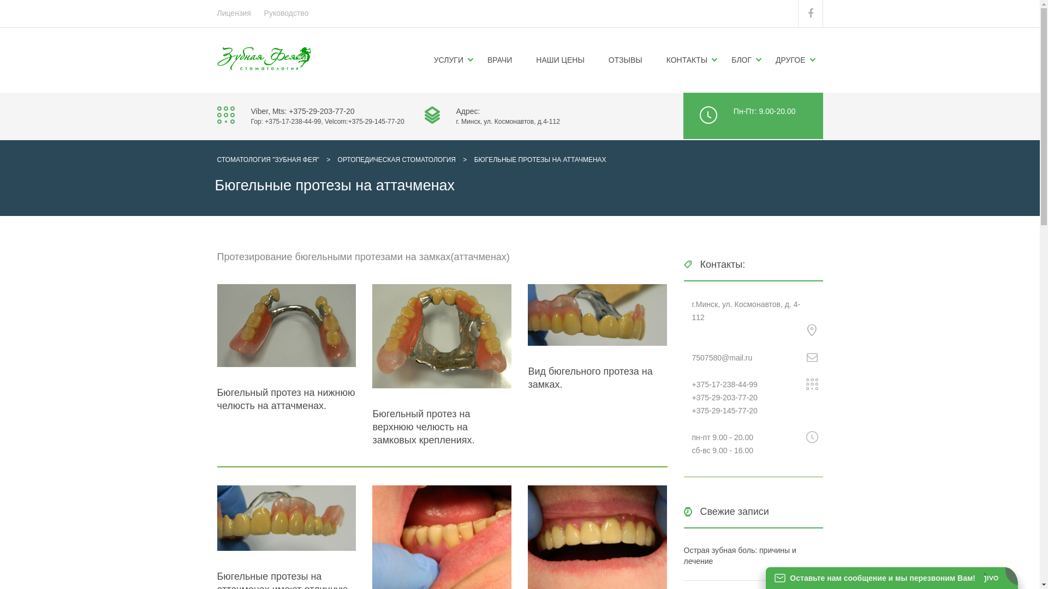  What do you see at coordinates (722, 357) in the screenshot?
I see `'7507580@mail.ru'` at bounding box center [722, 357].